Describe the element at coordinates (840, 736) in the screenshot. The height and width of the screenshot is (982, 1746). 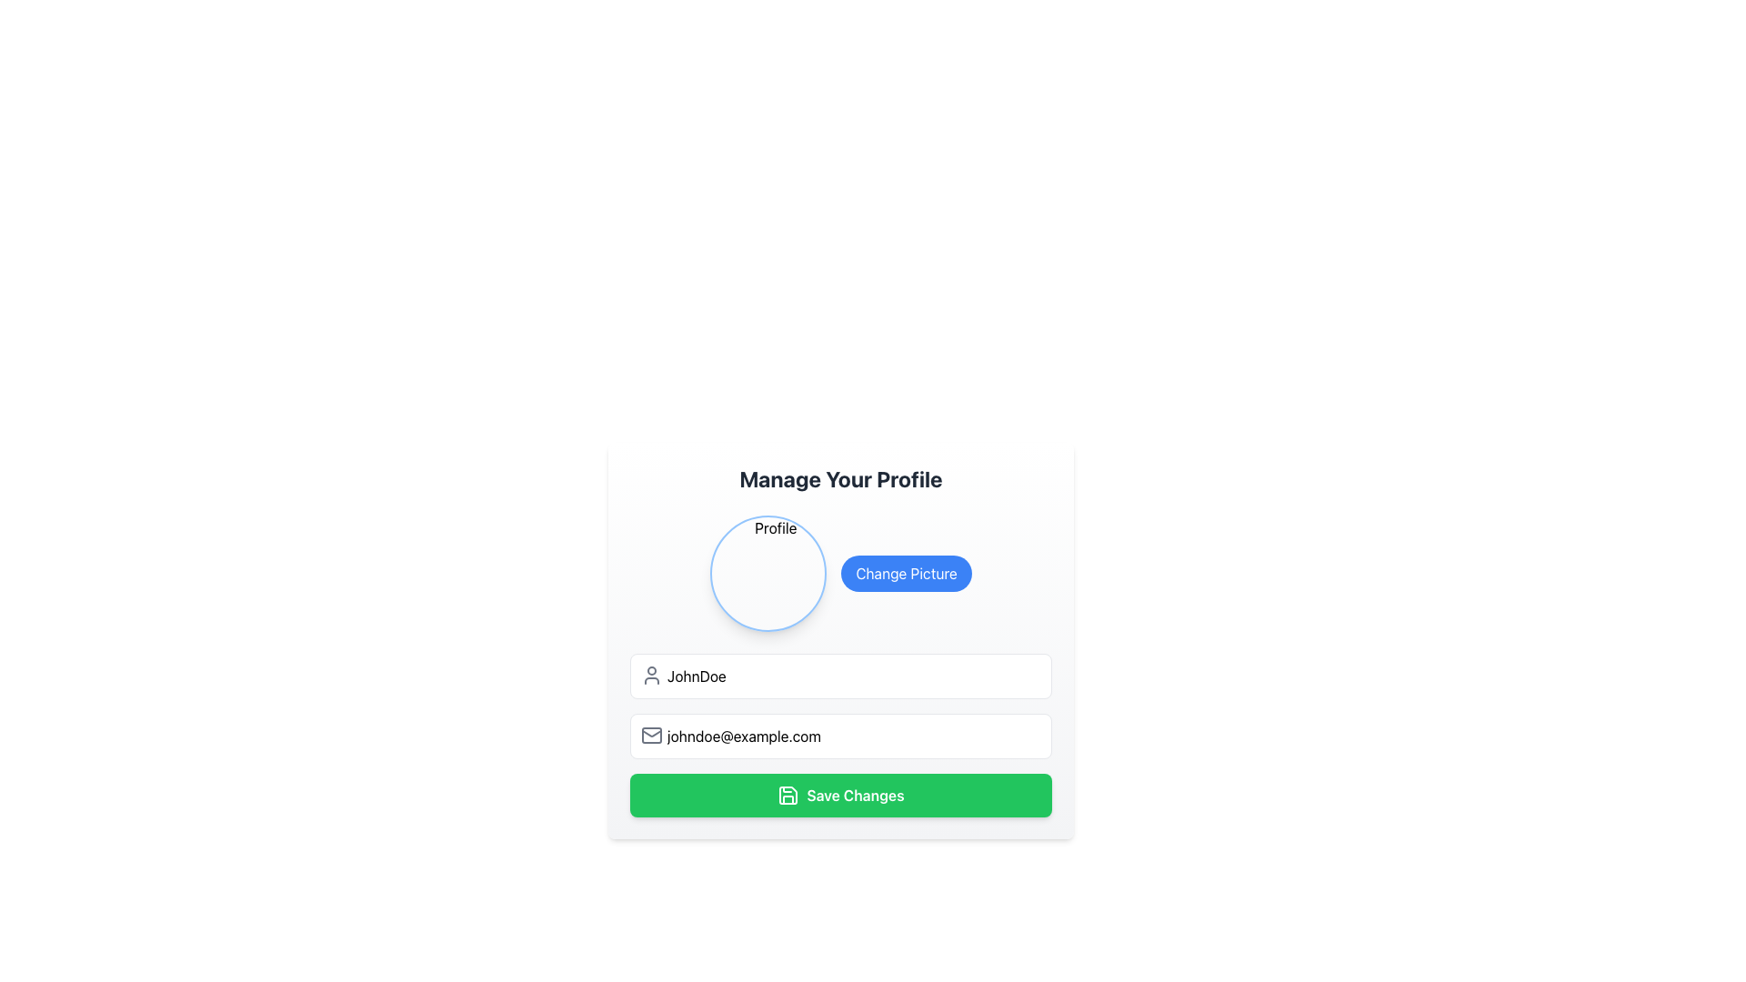
I see `the email input field with the placeholder 'Your Email' to focus on it` at that location.